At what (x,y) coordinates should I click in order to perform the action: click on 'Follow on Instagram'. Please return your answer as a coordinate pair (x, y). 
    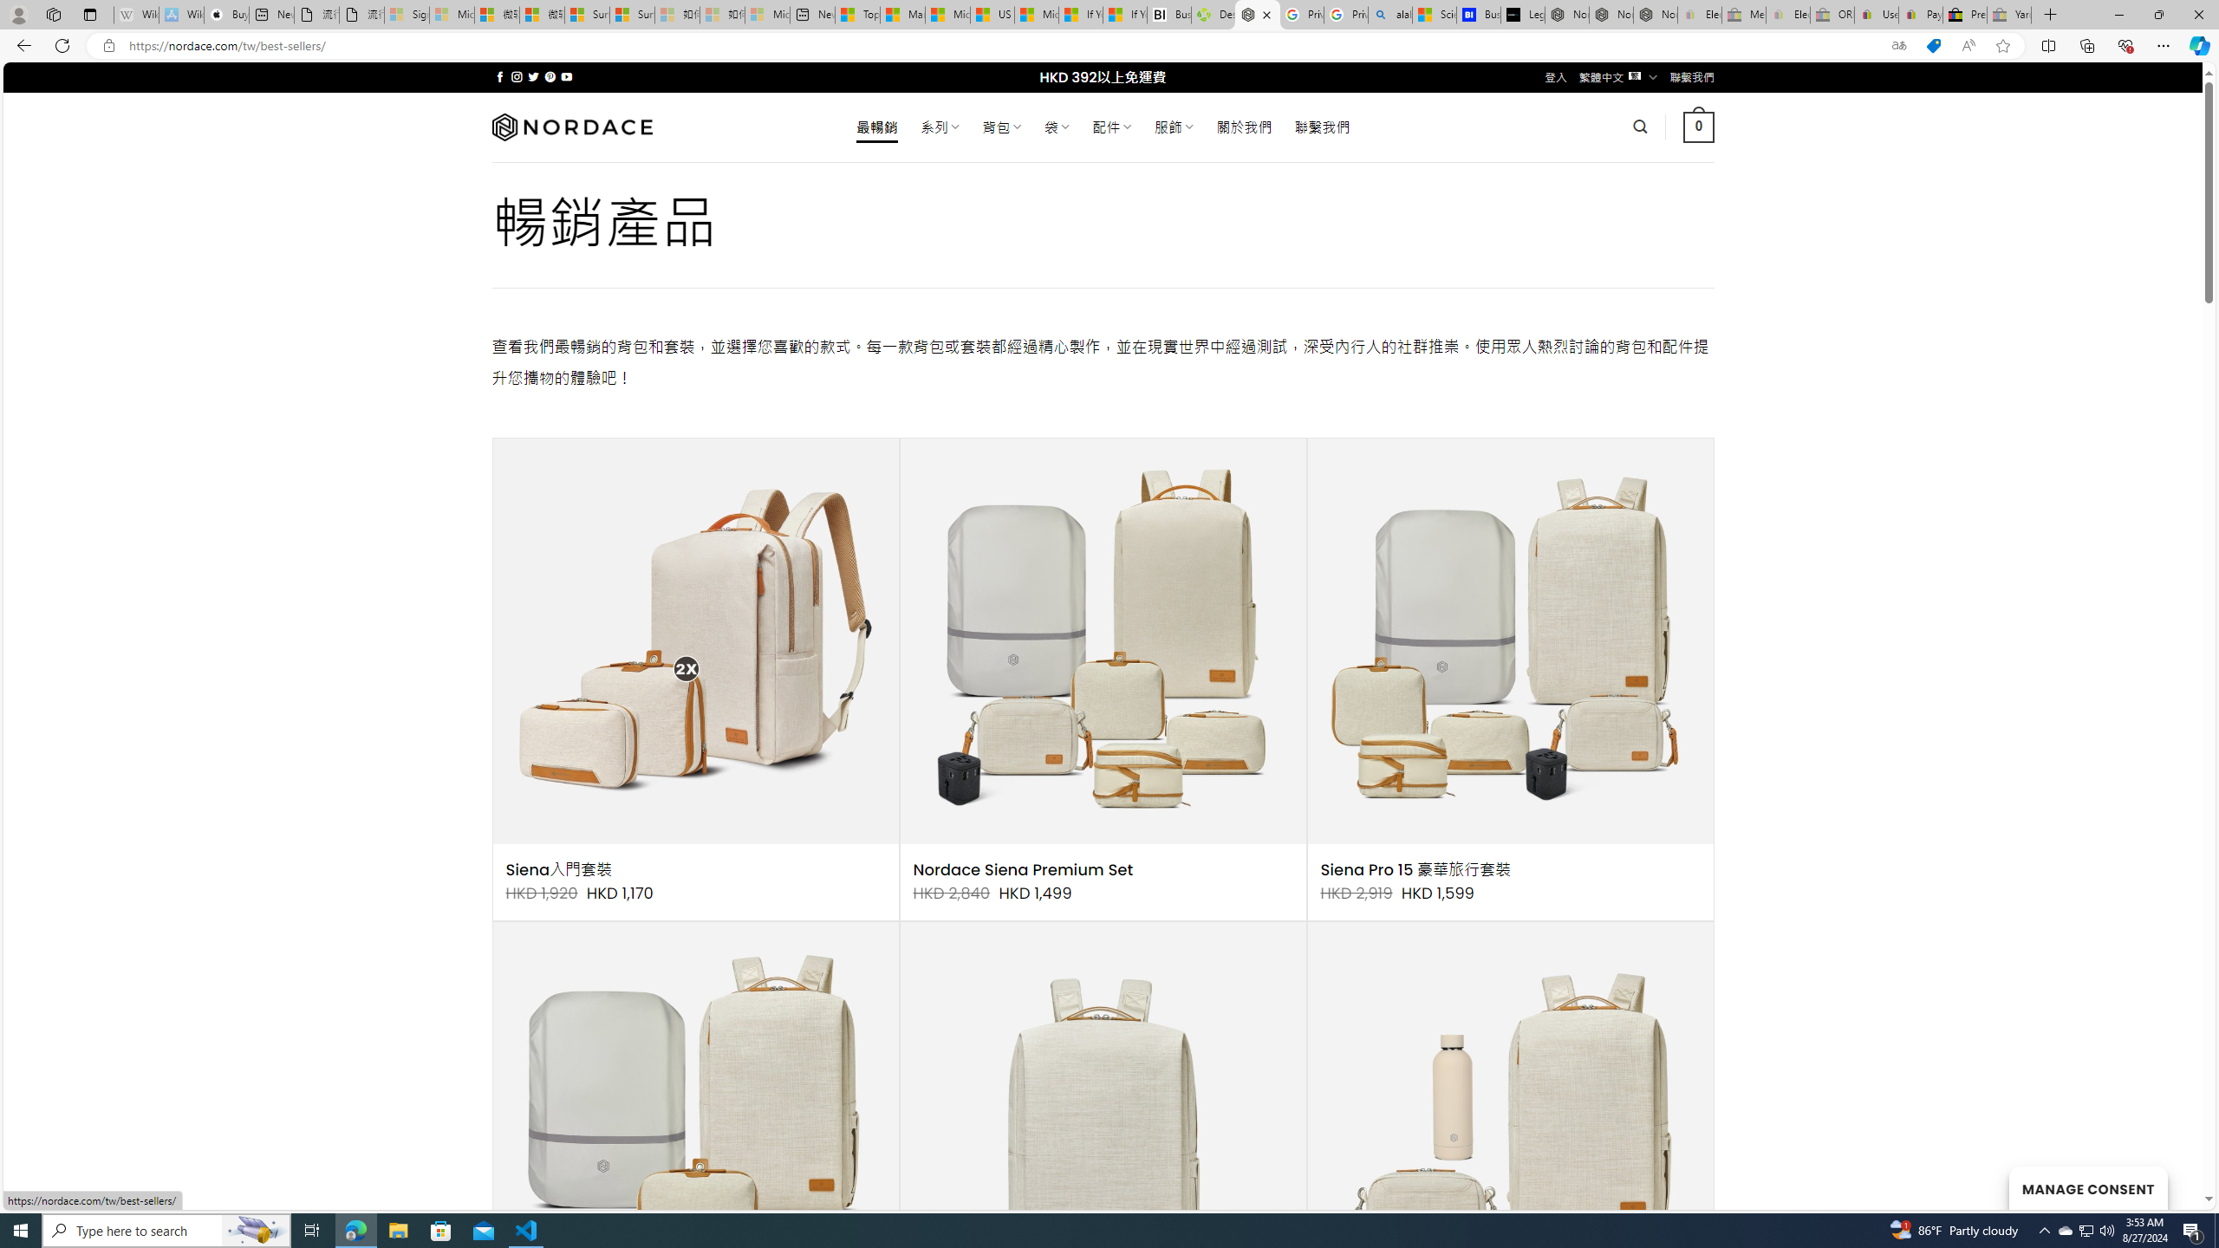
    Looking at the image, I should click on (516, 76).